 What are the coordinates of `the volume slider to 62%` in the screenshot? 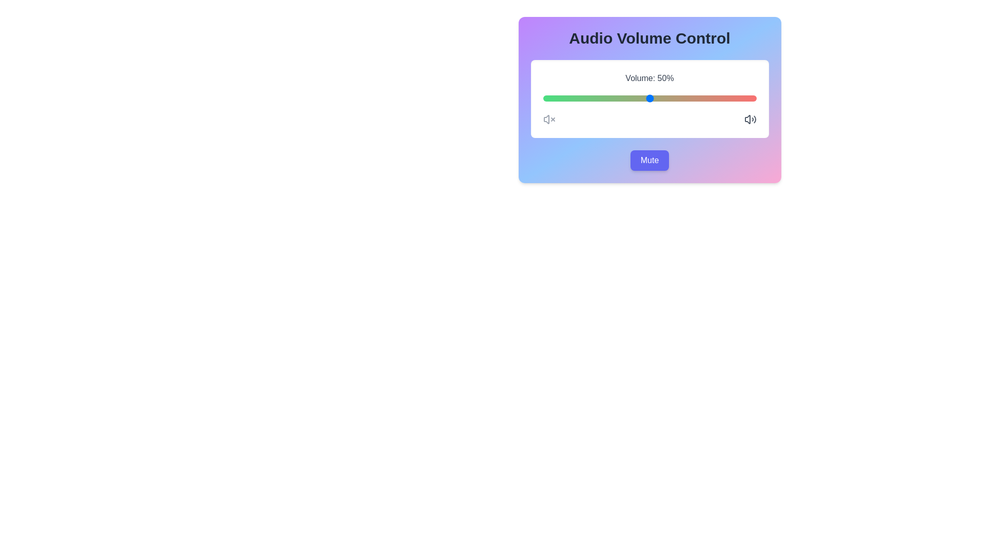 It's located at (675, 98).